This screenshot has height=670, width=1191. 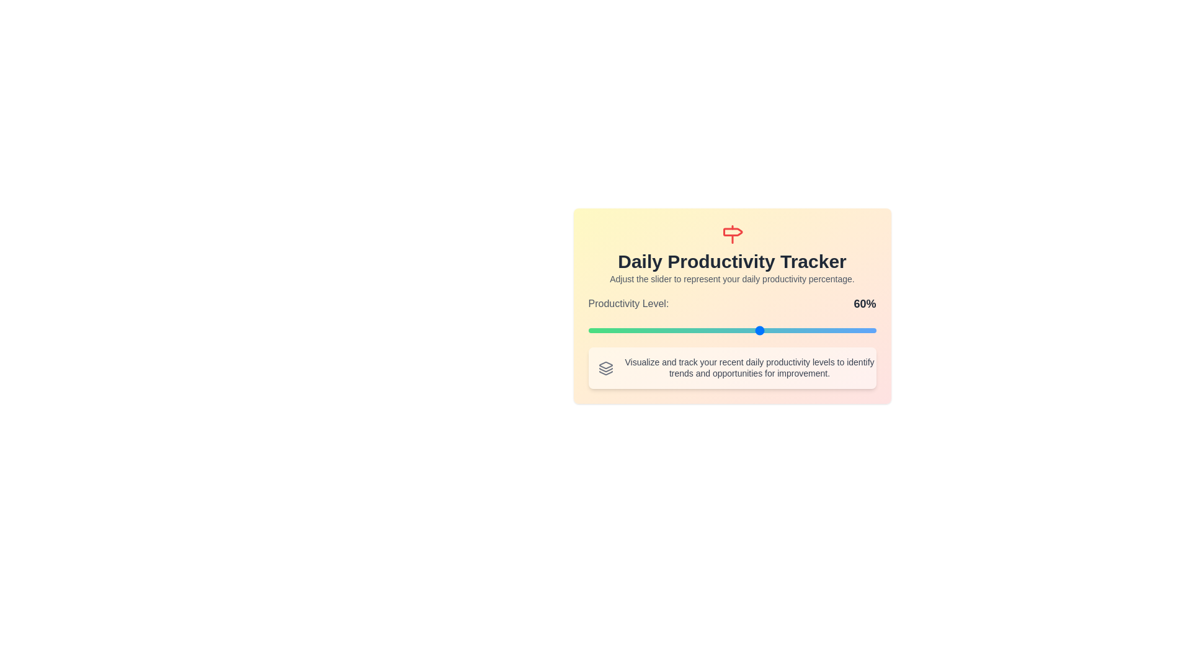 What do you see at coordinates (718, 329) in the screenshot?
I see `the slider to set the productivity level to 45%` at bounding box center [718, 329].